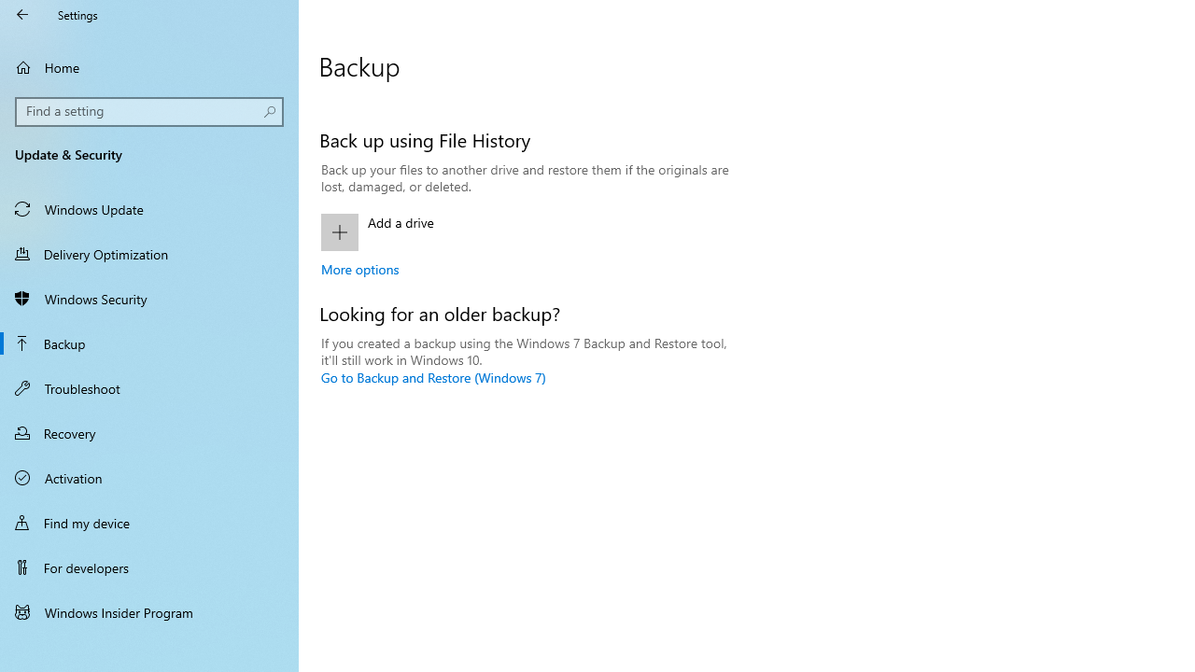 The image size is (1195, 672). I want to click on 'Windows Security', so click(149, 298).